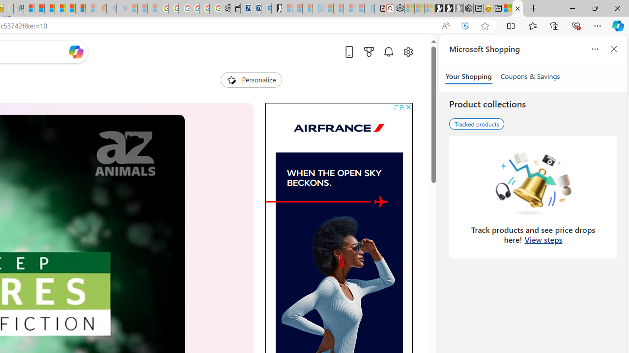 The image size is (629, 353). Describe the element at coordinates (438, 8) in the screenshot. I see `'Play Free Online Games | Games from Microsoft Start'` at that location.